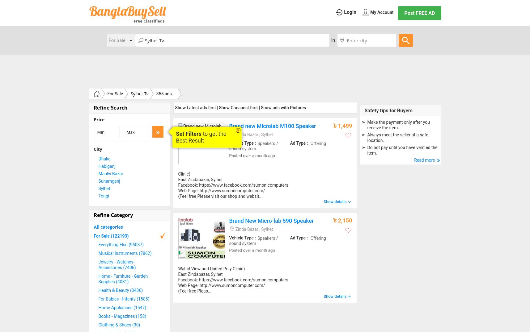  What do you see at coordinates (122, 281) in the screenshot?
I see `'(4081)'` at bounding box center [122, 281].